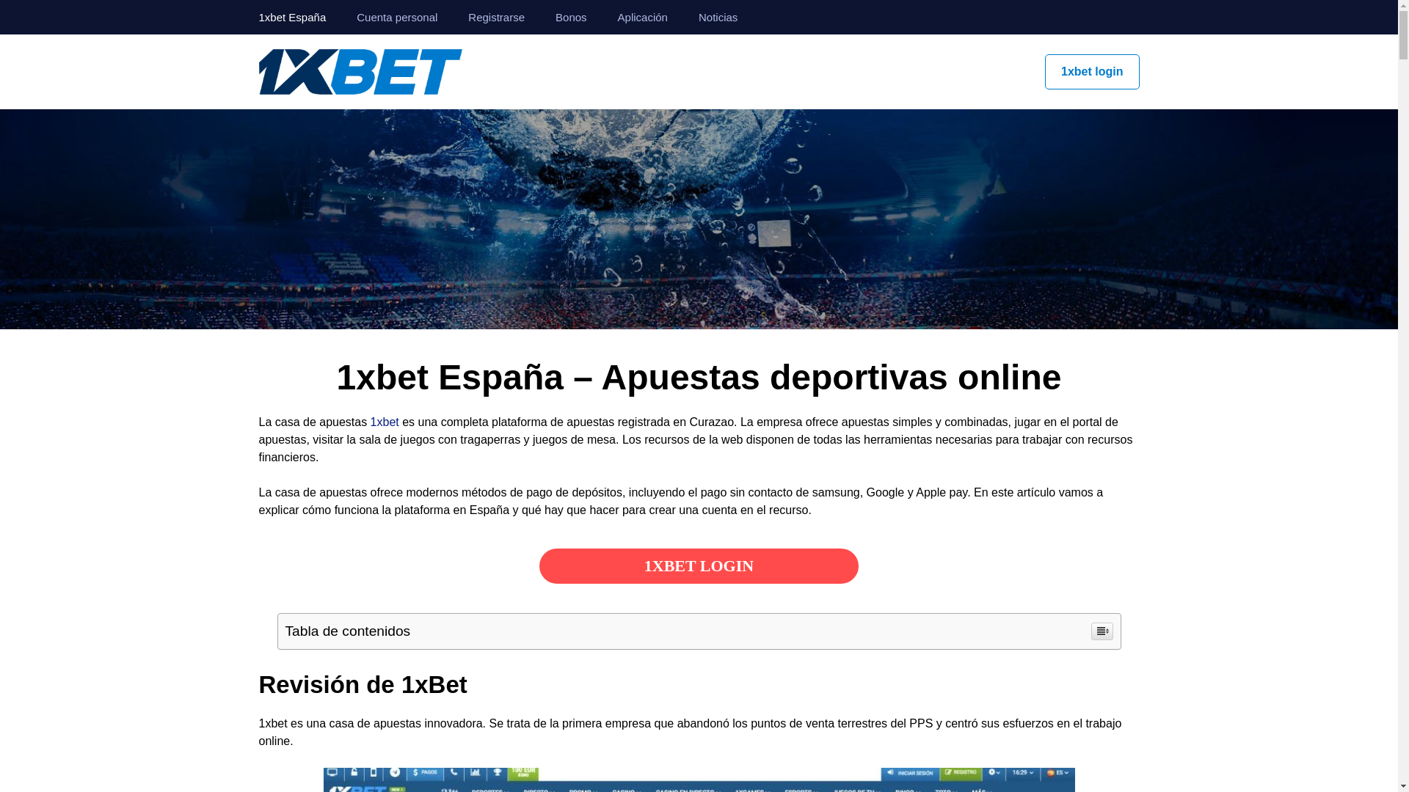 The image size is (1409, 792). What do you see at coordinates (570, 17) in the screenshot?
I see `'Bonos'` at bounding box center [570, 17].